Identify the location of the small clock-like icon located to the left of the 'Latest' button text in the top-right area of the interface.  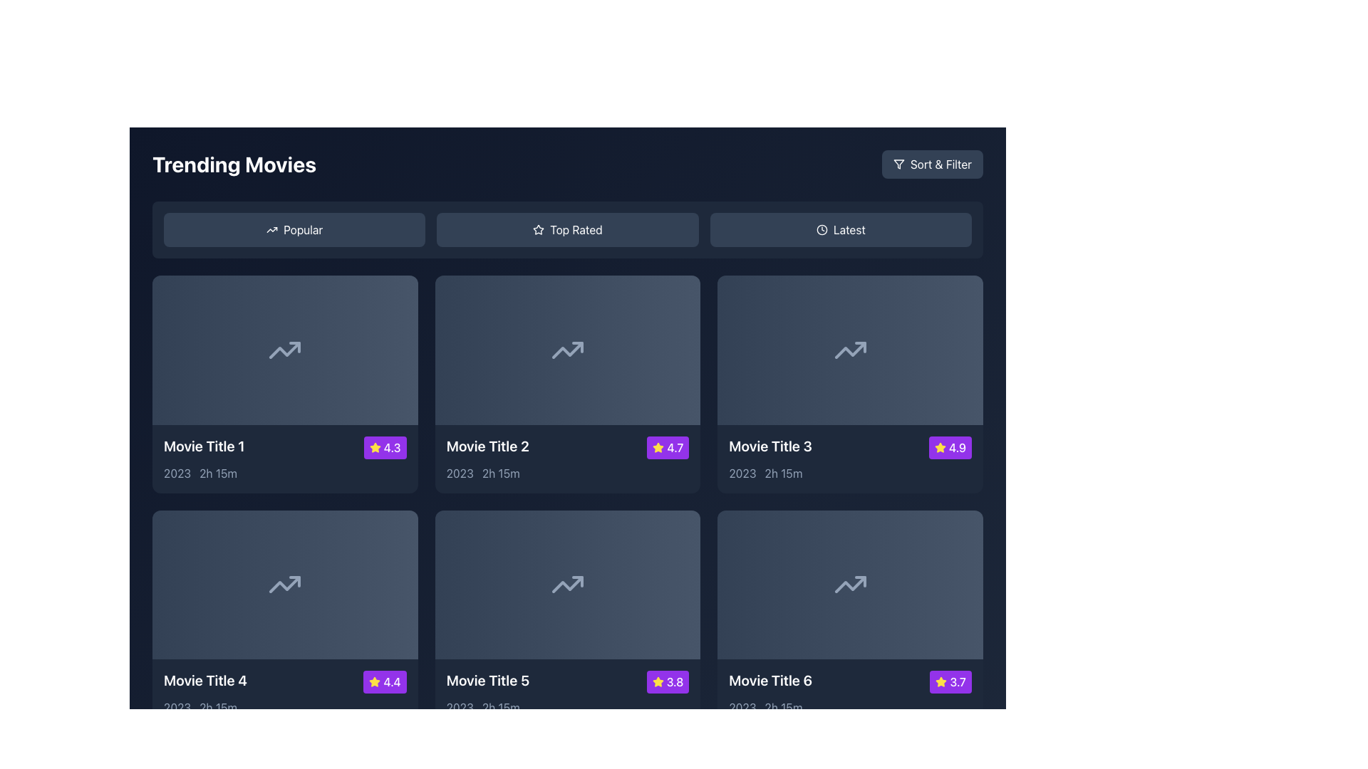
(822, 229).